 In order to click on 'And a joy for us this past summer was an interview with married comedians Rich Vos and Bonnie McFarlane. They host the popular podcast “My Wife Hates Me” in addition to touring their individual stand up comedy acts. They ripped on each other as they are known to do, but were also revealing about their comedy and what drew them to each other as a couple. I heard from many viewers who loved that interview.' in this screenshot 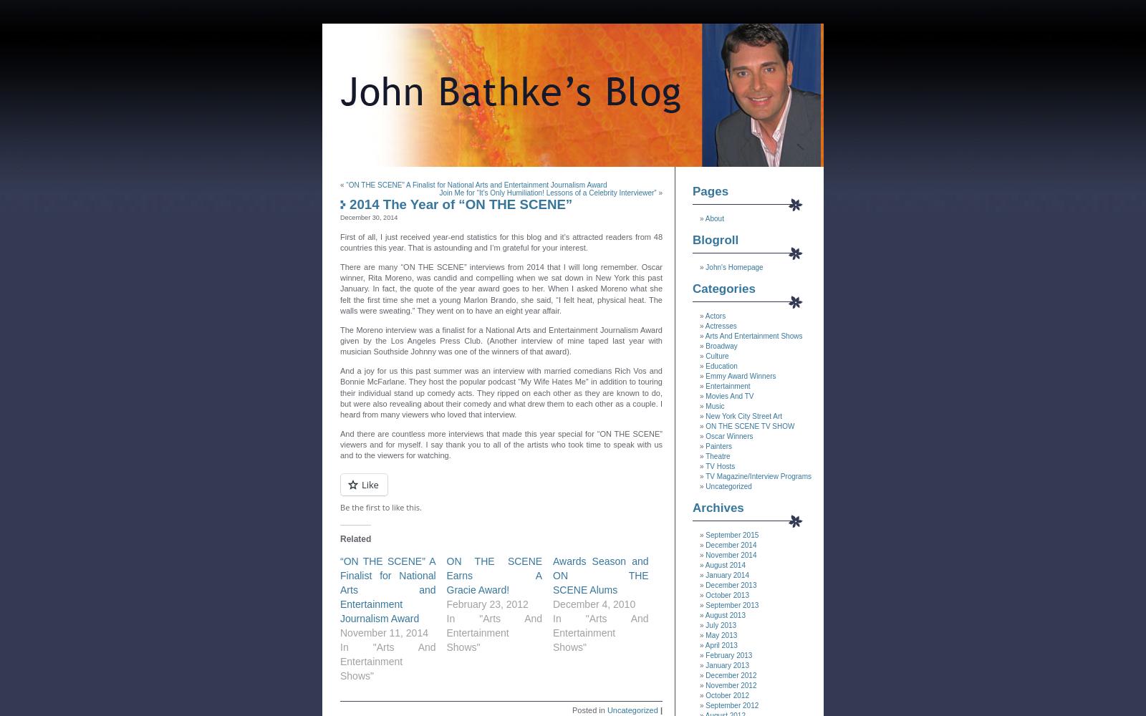, I will do `click(340, 392)`.